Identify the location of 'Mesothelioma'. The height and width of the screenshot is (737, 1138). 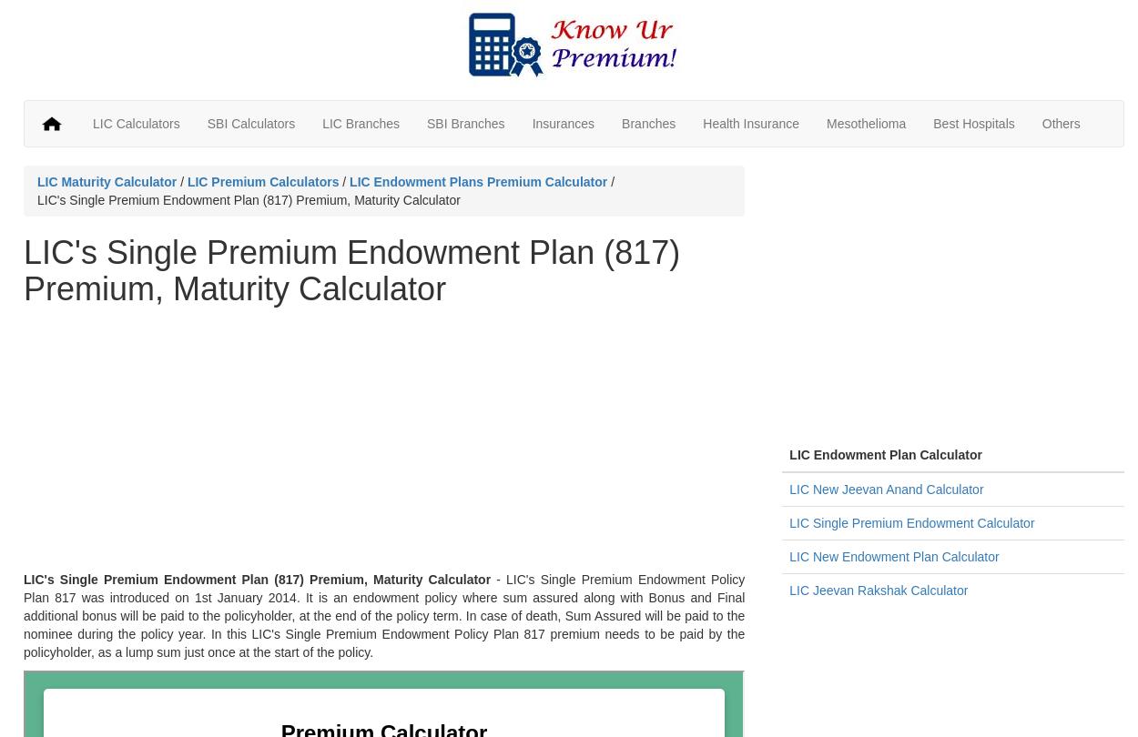
(865, 123).